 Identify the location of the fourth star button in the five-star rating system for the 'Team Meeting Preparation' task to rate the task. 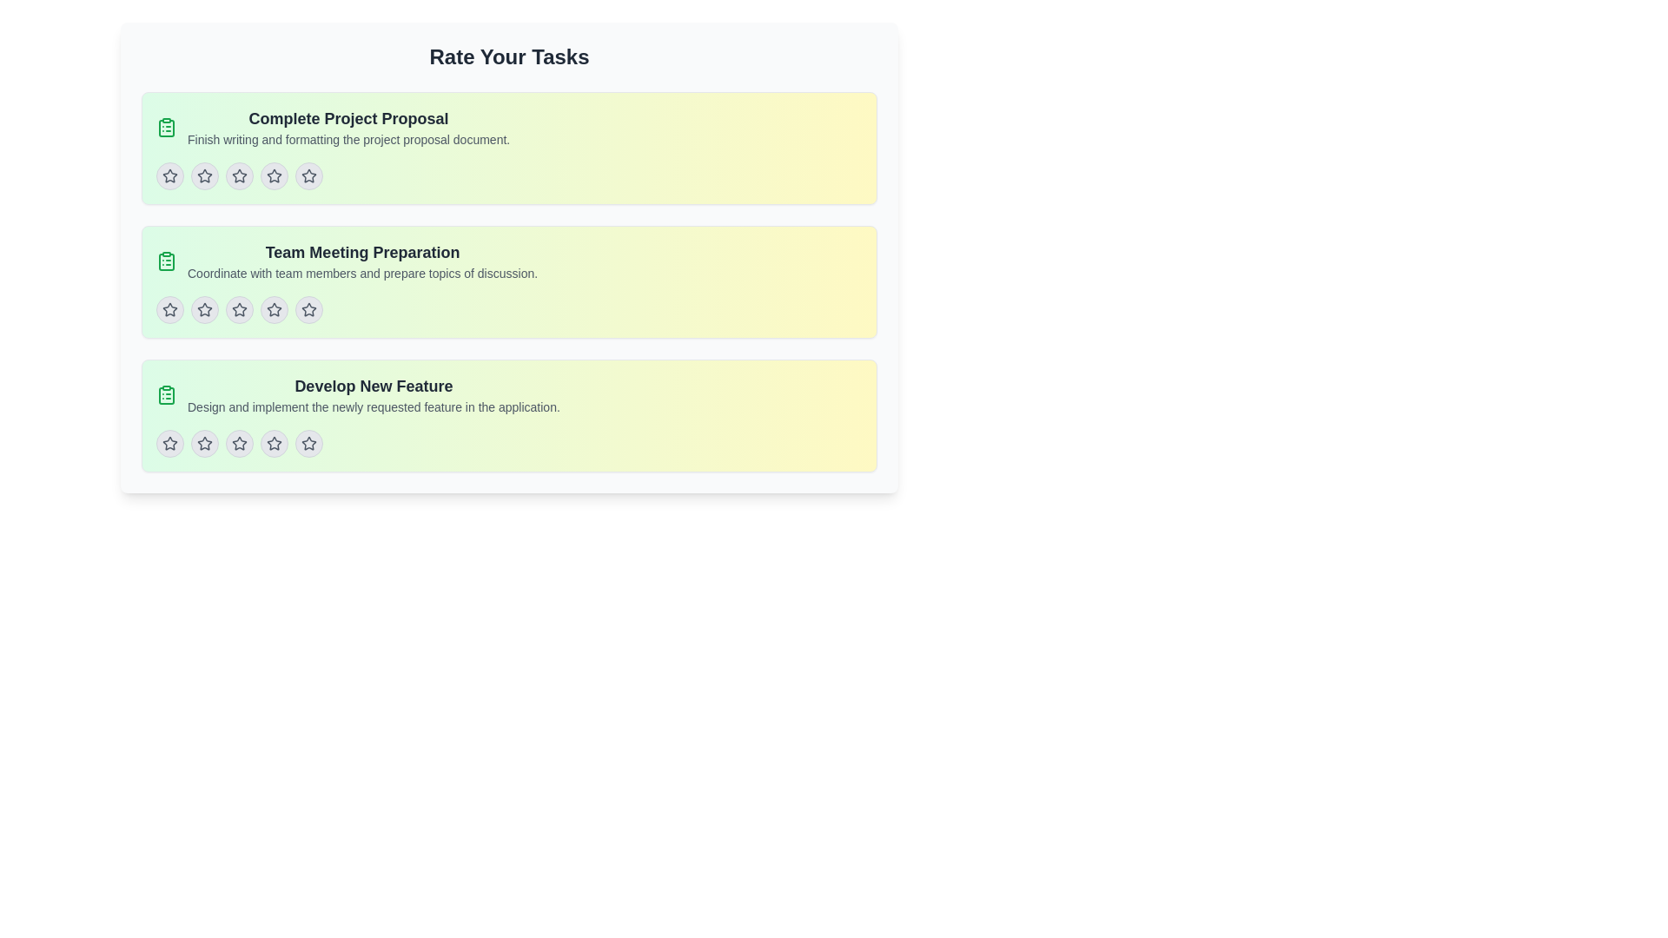
(274, 309).